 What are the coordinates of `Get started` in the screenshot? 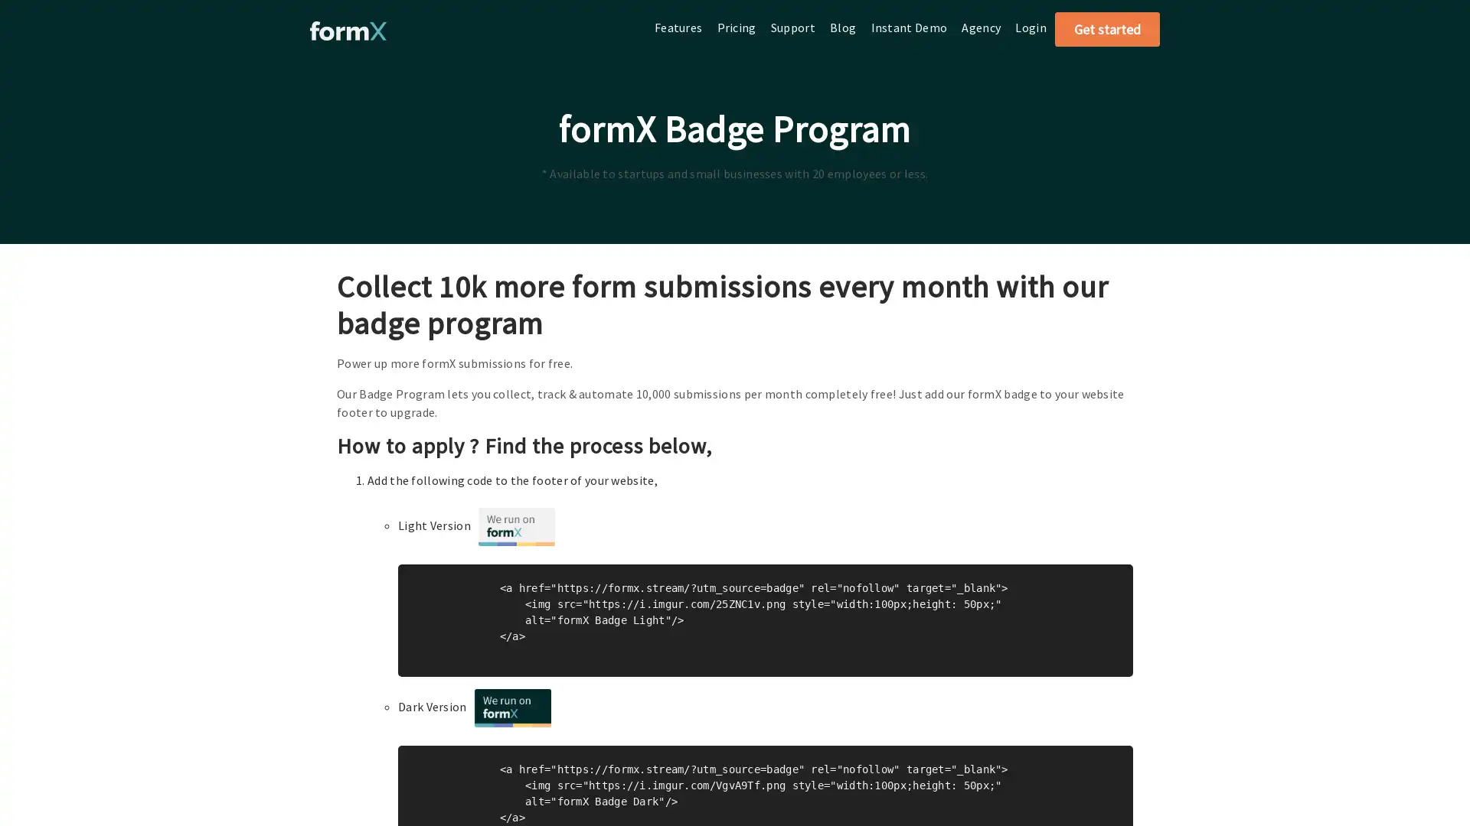 It's located at (1107, 29).